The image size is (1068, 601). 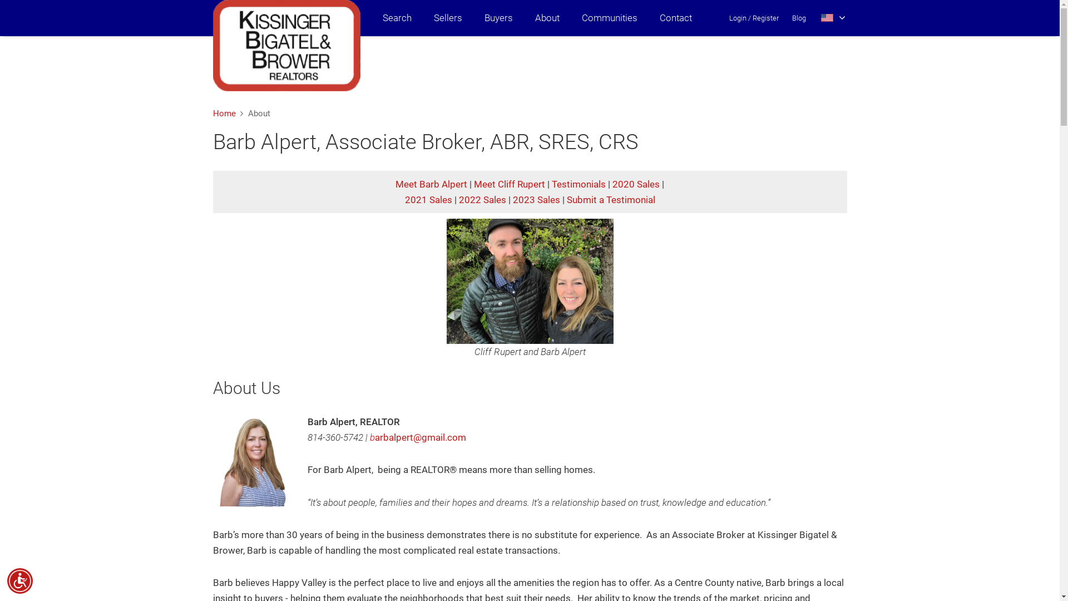 I want to click on 'Select Language', so click(x=821, y=18).